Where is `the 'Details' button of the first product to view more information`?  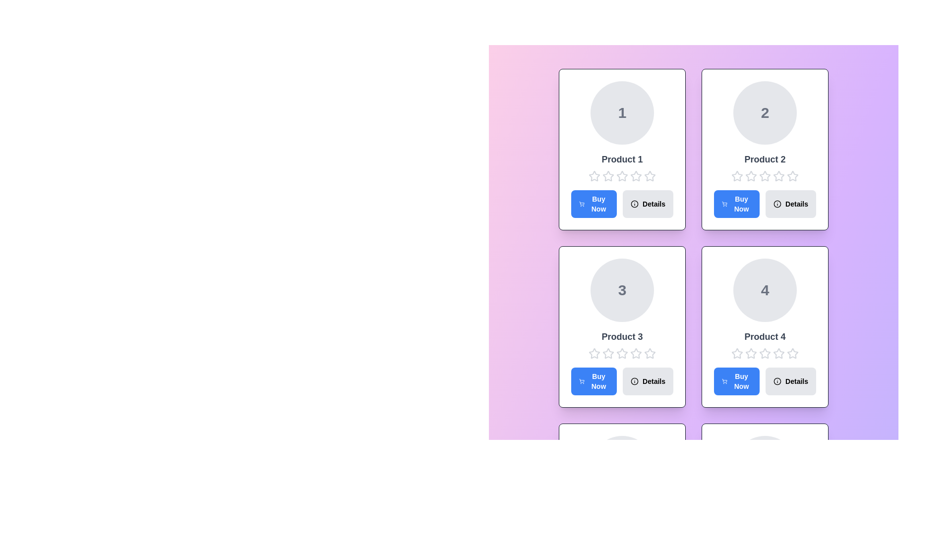
the 'Details' button of the first product to view more information is located at coordinates (648, 204).